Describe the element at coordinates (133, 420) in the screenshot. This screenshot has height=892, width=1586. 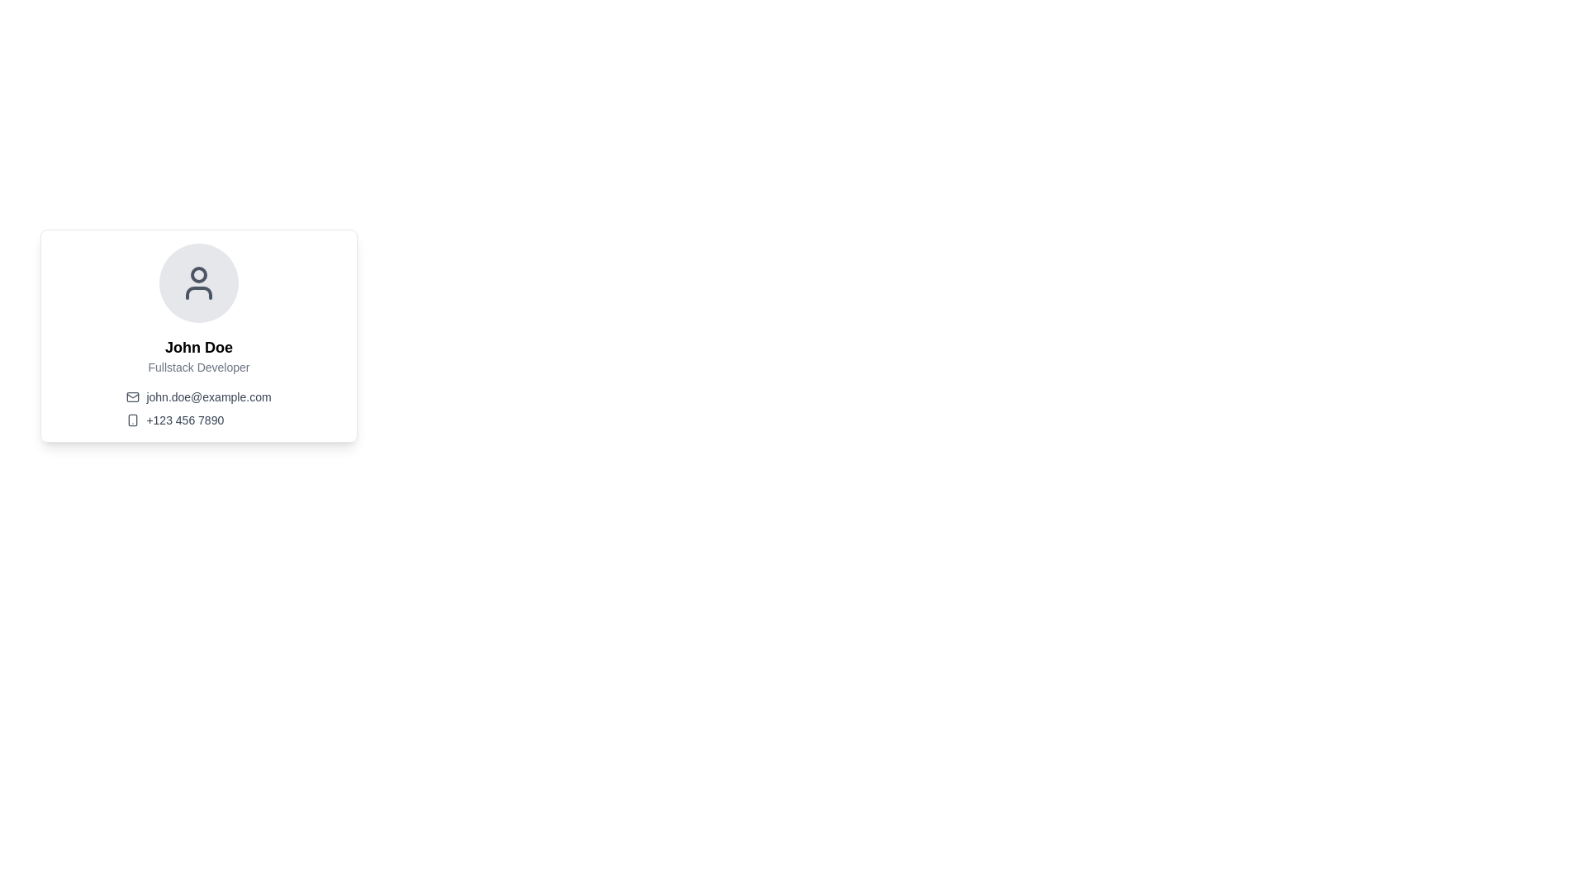
I see `the smartphone icon representing the user's contact information, which is located at the bottom left corner of the card` at that location.